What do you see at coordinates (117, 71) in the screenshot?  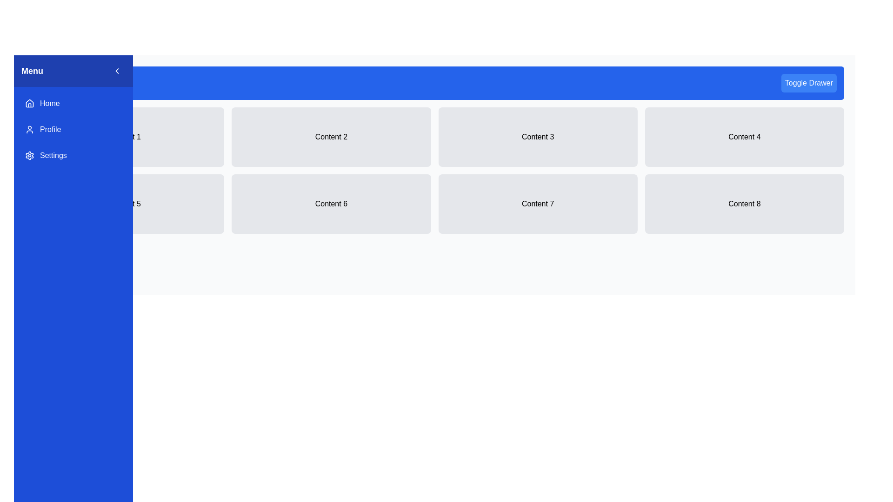 I see `the left-pointing chevron icon button located in the upper-right corner of the blue menu sidebar to receive visual feedback` at bounding box center [117, 71].